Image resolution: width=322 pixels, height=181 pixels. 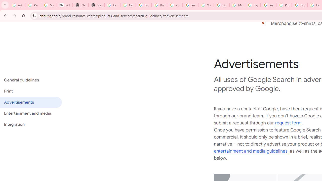 I want to click on 'New Tab', so click(x=80, y=5).